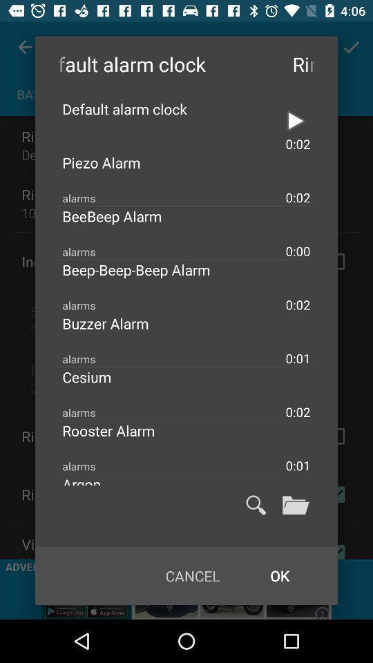 The image size is (373, 663). I want to click on music play the option, so click(295, 120).